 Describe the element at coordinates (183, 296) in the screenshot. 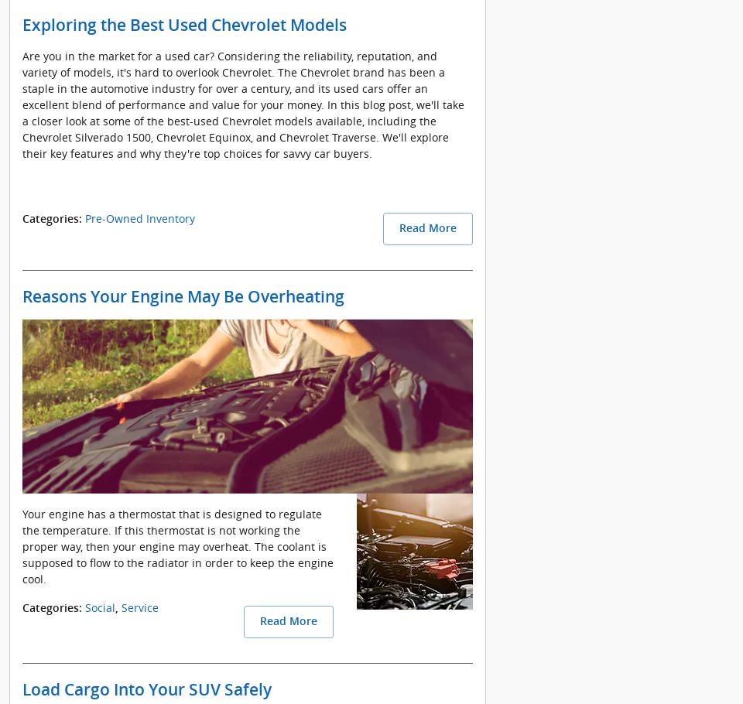

I see `'Reasons Your Engine May Be Overheating'` at that location.